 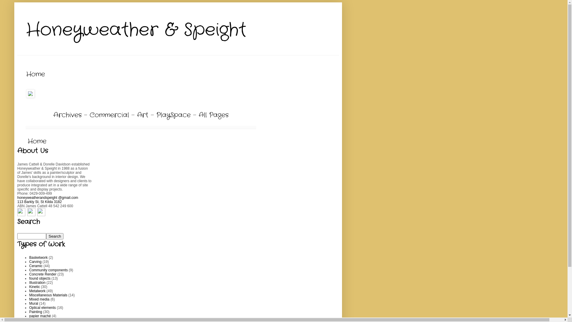 I want to click on 'PlaySpace', so click(x=173, y=115).